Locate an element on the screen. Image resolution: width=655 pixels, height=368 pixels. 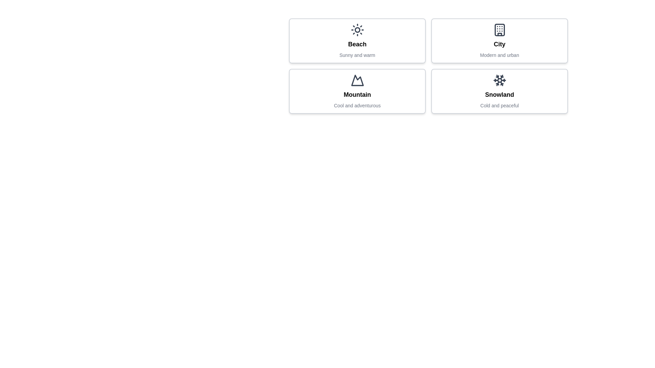
the description label for the 'Mountain' card, which provides additional context ('Cool and adventurous') and is located beneath the 'Mountain' label in a bordered and shadowed card is located at coordinates (357, 105).